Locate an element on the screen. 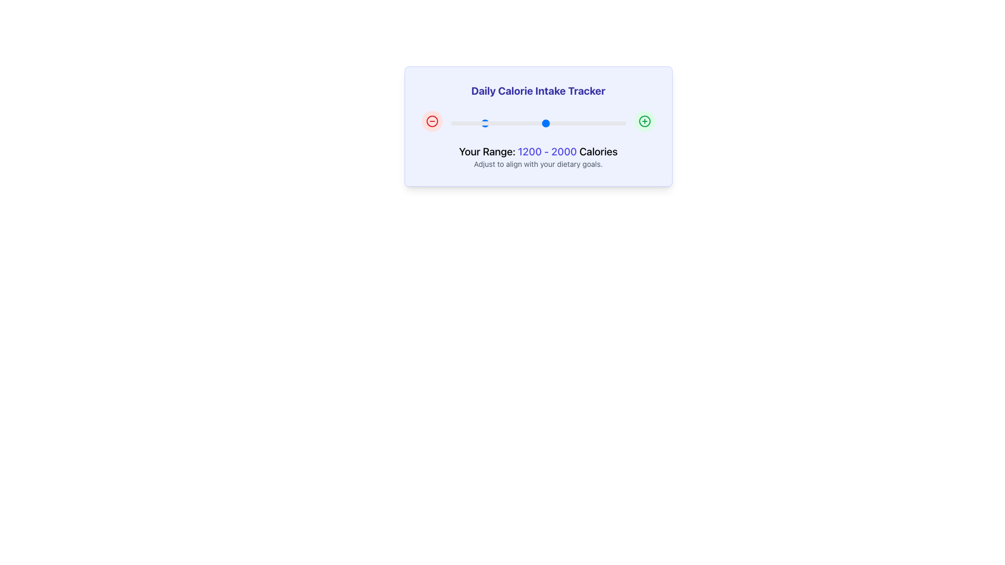 Image resolution: width=1005 pixels, height=565 pixels. the calorie value is located at coordinates (603, 122).